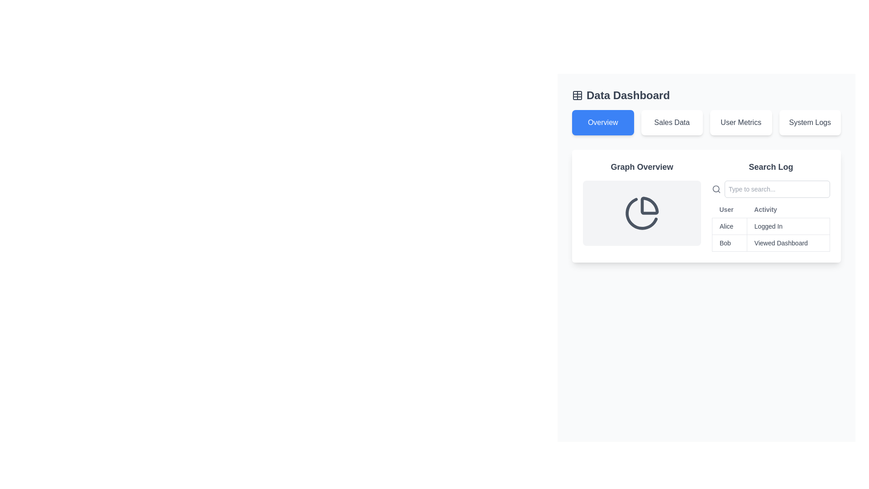 This screenshot has height=489, width=869. I want to click on the 'Overview' button, so click(603, 122).